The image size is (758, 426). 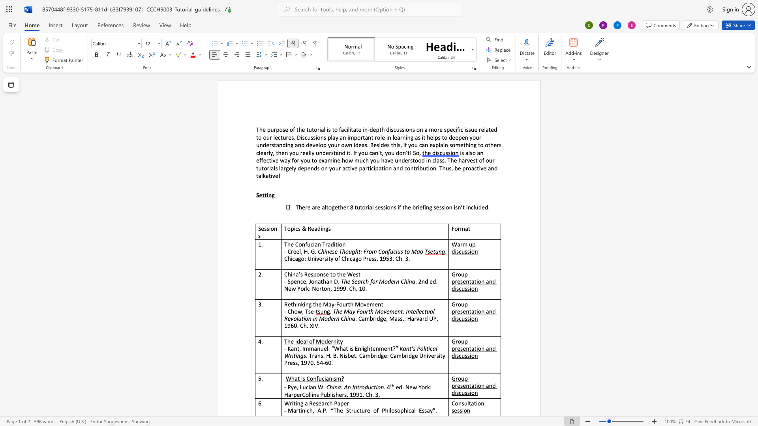 What do you see at coordinates (371, 168) in the screenshot?
I see `the space between the continuous character "i" and "c" in the text` at bounding box center [371, 168].